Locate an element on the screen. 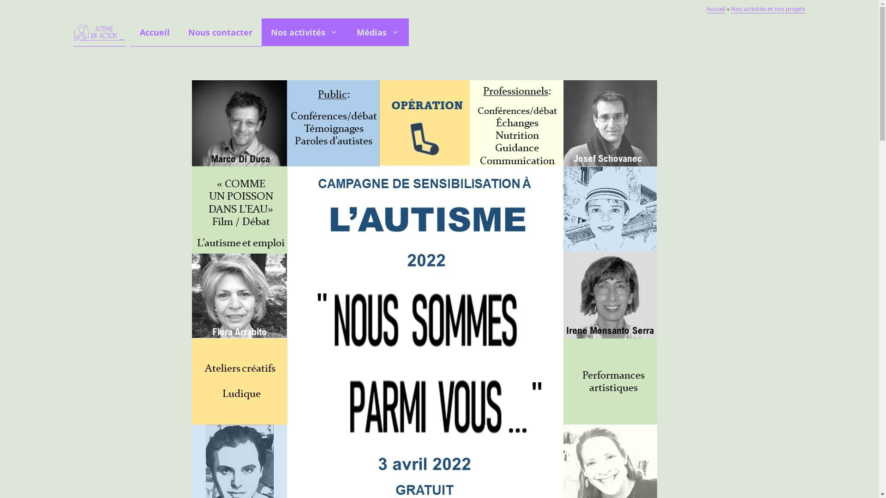 The image size is (886, 498). 'Nous contacter' is located at coordinates (220, 32).